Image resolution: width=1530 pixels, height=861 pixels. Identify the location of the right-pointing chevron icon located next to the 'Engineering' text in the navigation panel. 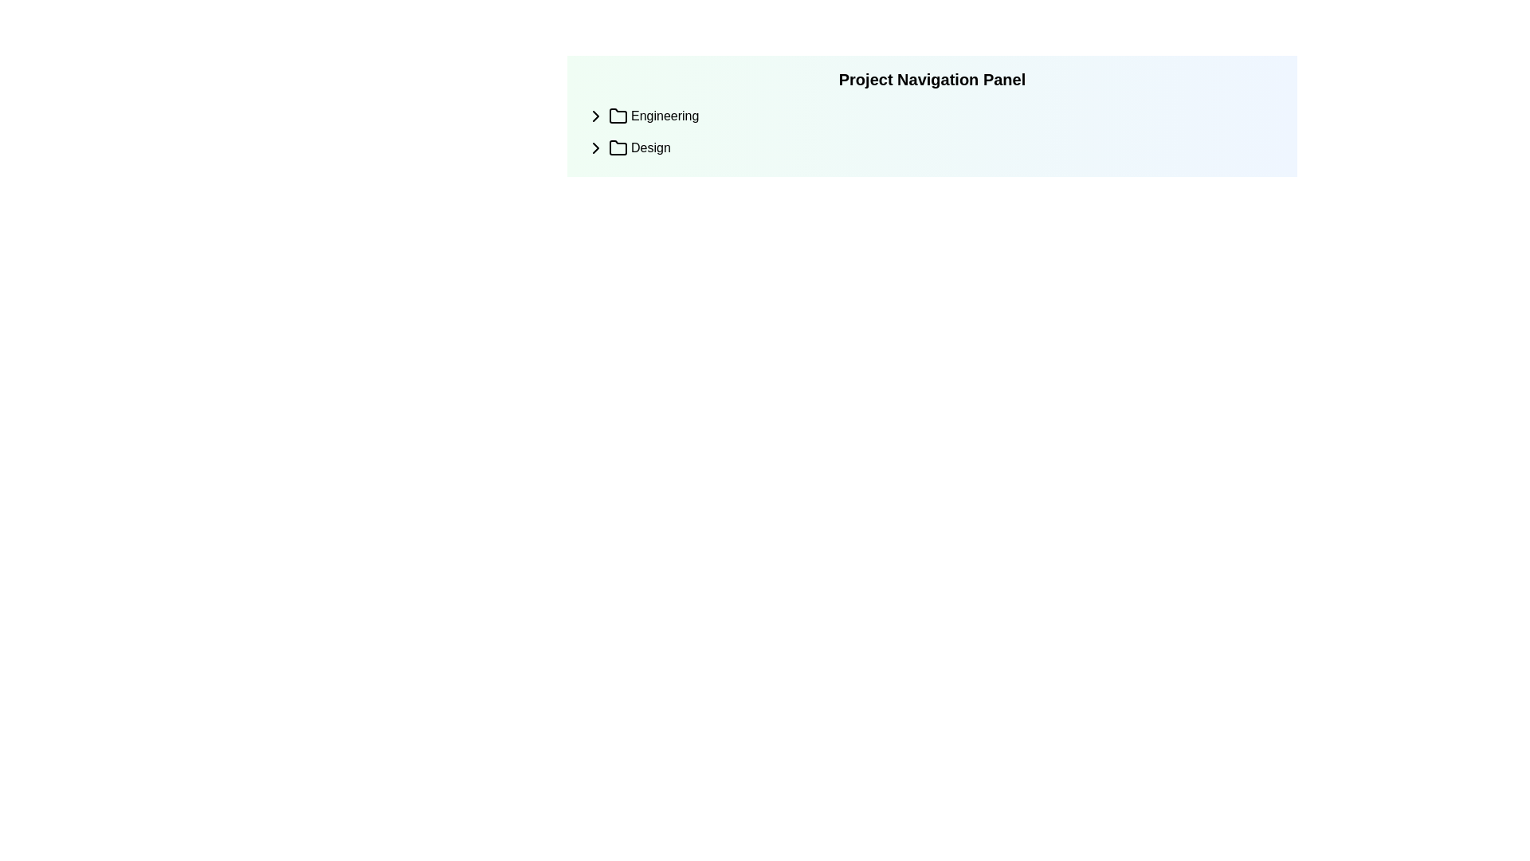
(595, 116).